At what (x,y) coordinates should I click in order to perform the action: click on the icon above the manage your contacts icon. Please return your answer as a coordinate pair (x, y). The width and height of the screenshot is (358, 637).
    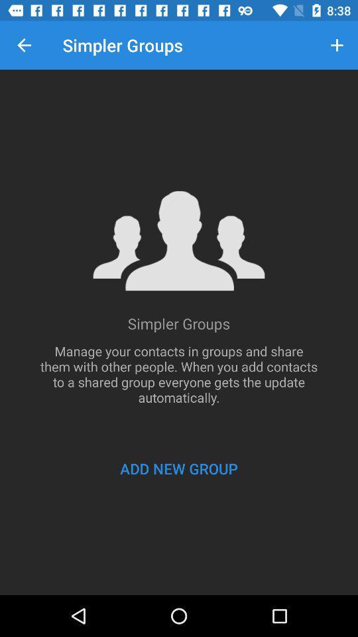
    Looking at the image, I should click on (337, 45).